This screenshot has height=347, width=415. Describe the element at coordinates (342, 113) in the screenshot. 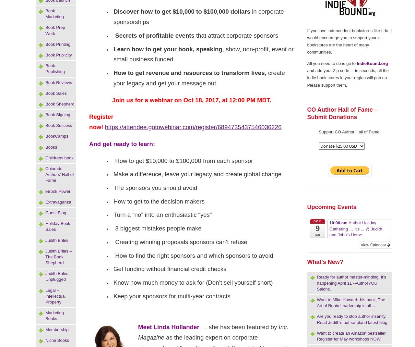

I see `'CO Author Hall of Fame – Submit Donations'` at that location.